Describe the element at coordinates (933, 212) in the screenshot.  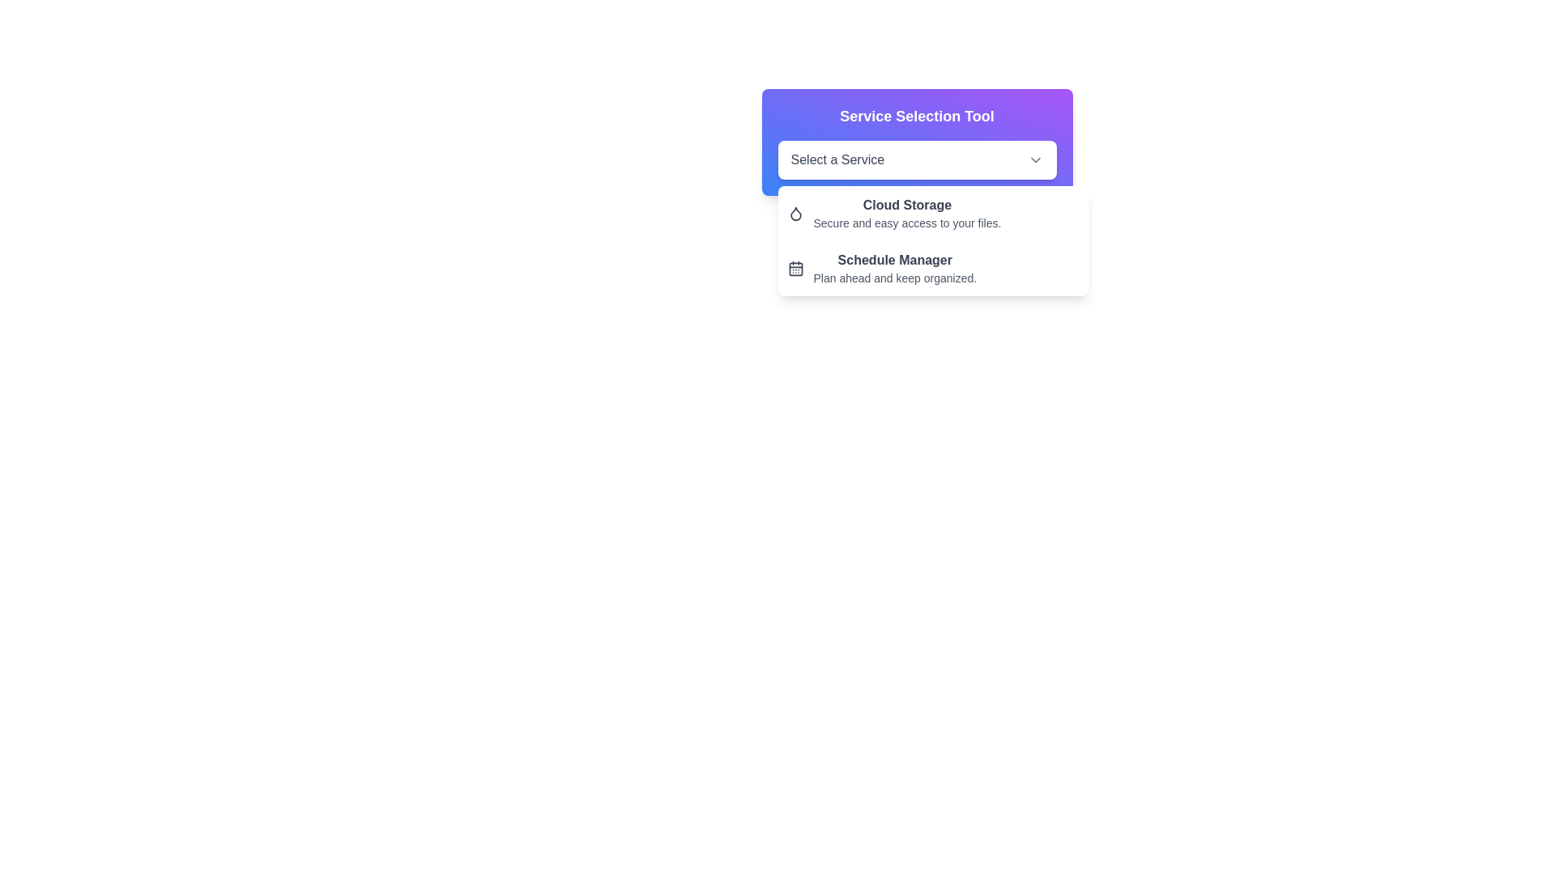
I see `the 'Cloud Storage' list item in the dropdown menu to observe the background color change effect` at that location.